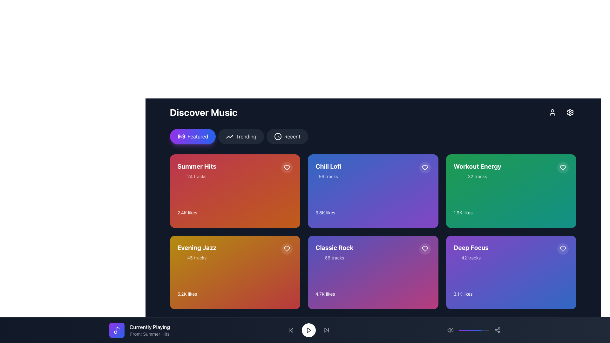 Image resolution: width=610 pixels, height=343 pixels. What do you see at coordinates (334, 258) in the screenshot?
I see `the text label displaying '68 tracks' located under 'Classic Rock' within the gradient purple card in the 'Discover Music' grid layout` at bounding box center [334, 258].